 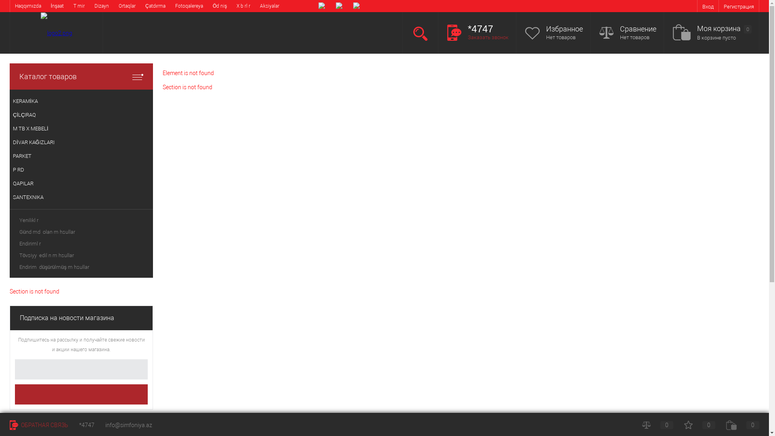 What do you see at coordinates (81, 197) in the screenshot?
I see `'SANTEXNIKA'` at bounding box center [81, 197].